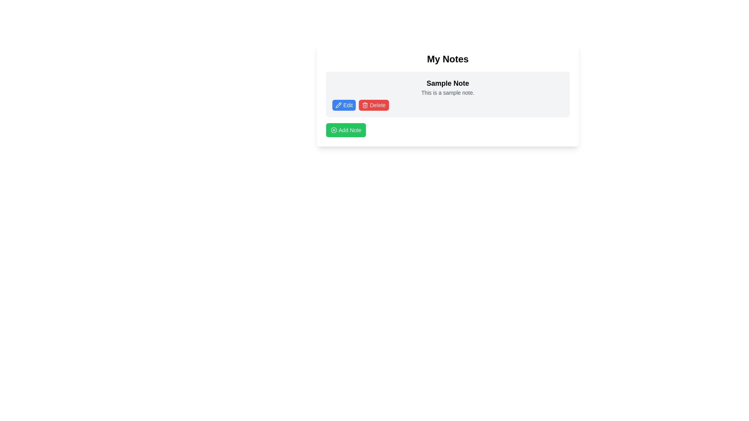 The image size is (749, 421). Describe the element at coordinates (334, 130) in the screenshot. I see `the outermost circular outline of the iconographic component within the green 'Add Note' button` at that location.